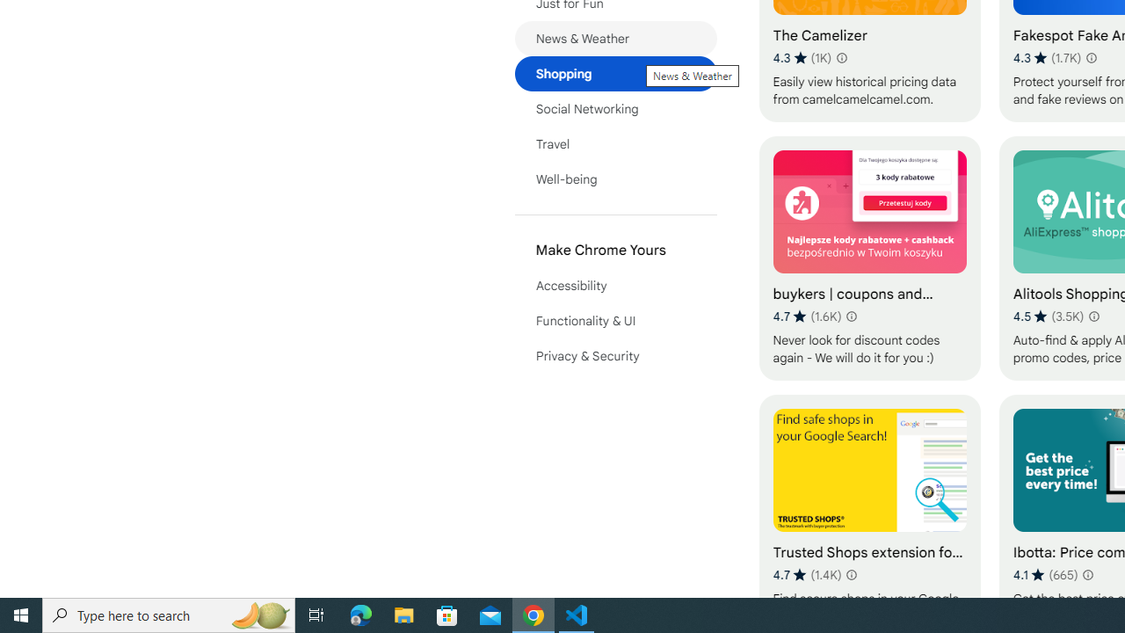 The image size is (1125, 633). I want to click on 'Accessibility', so click(615, 285).